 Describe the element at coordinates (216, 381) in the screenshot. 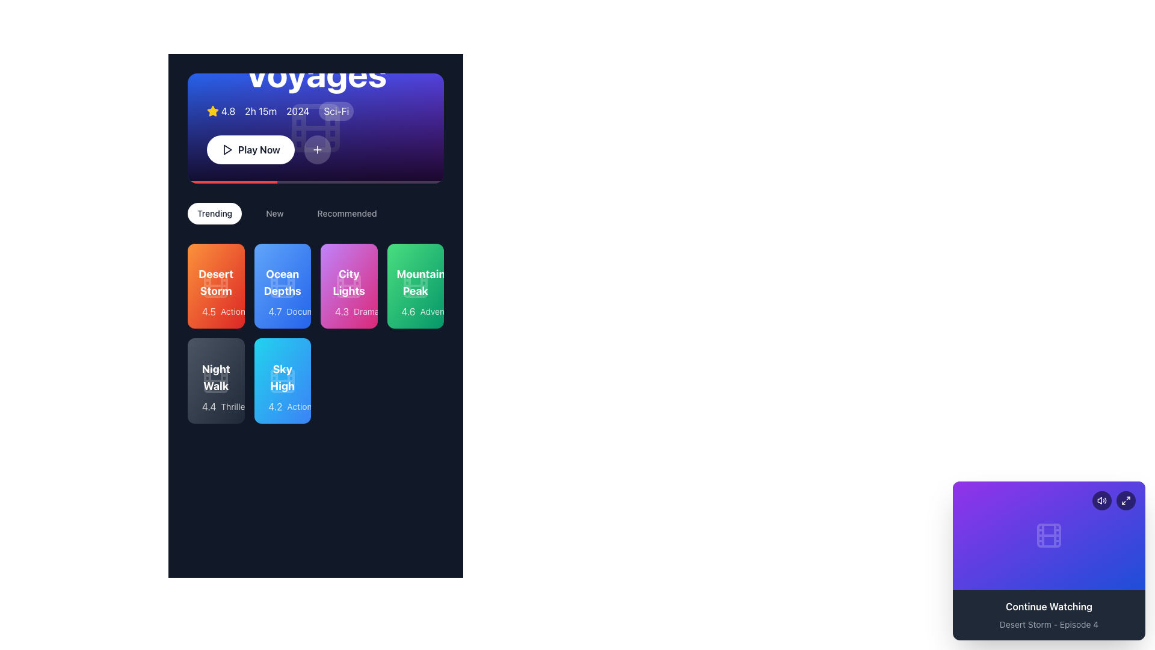

I see `on the movie/show selection card that displays its title, rating, and genre, located in the first item of the second row in a grid layout` at that location.